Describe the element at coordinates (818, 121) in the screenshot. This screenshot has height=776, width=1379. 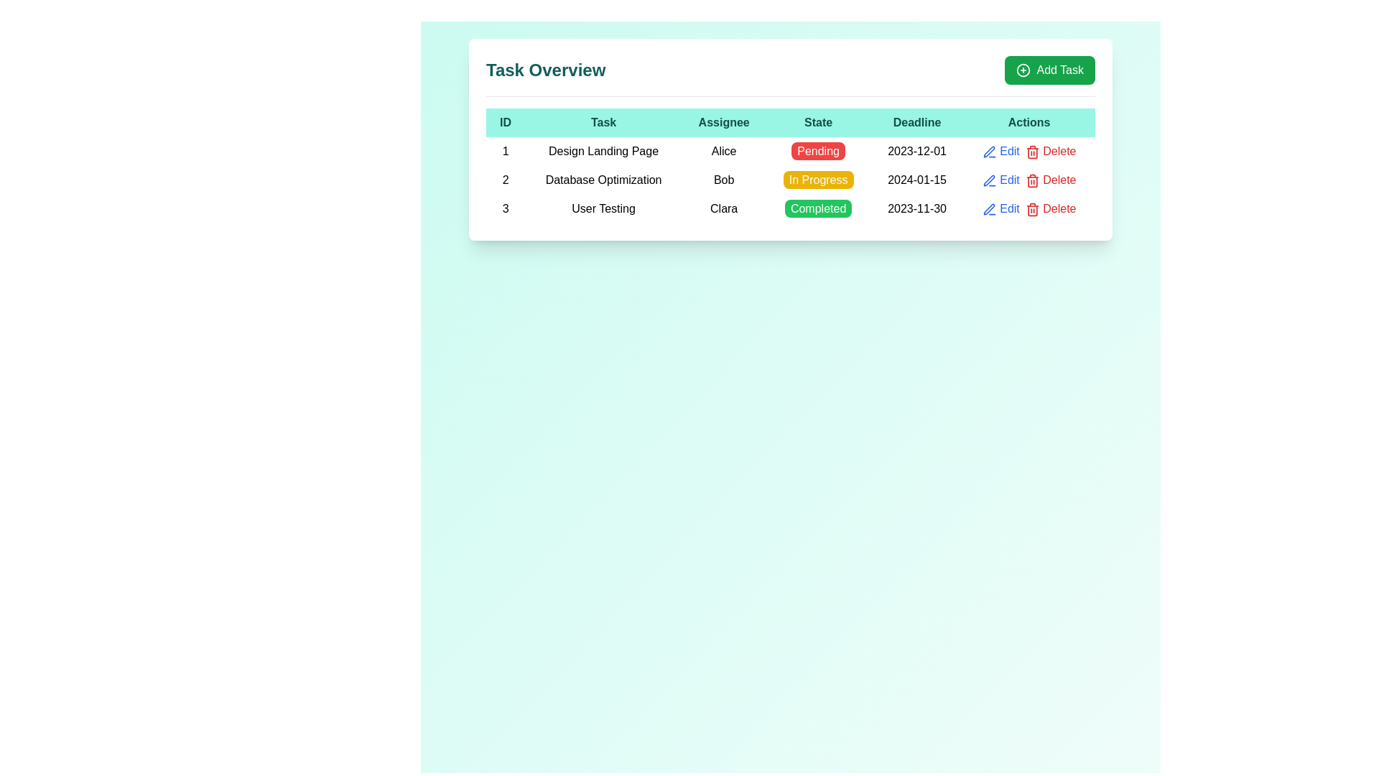
I see `the 'State' header cell in the table, which is the fourth header after 'Assignee' and before 'Deadline'` at that location.